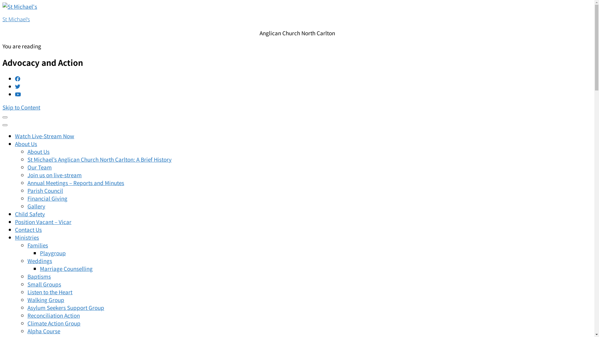  I want to click on 'Contact Us', so click(28, 229).